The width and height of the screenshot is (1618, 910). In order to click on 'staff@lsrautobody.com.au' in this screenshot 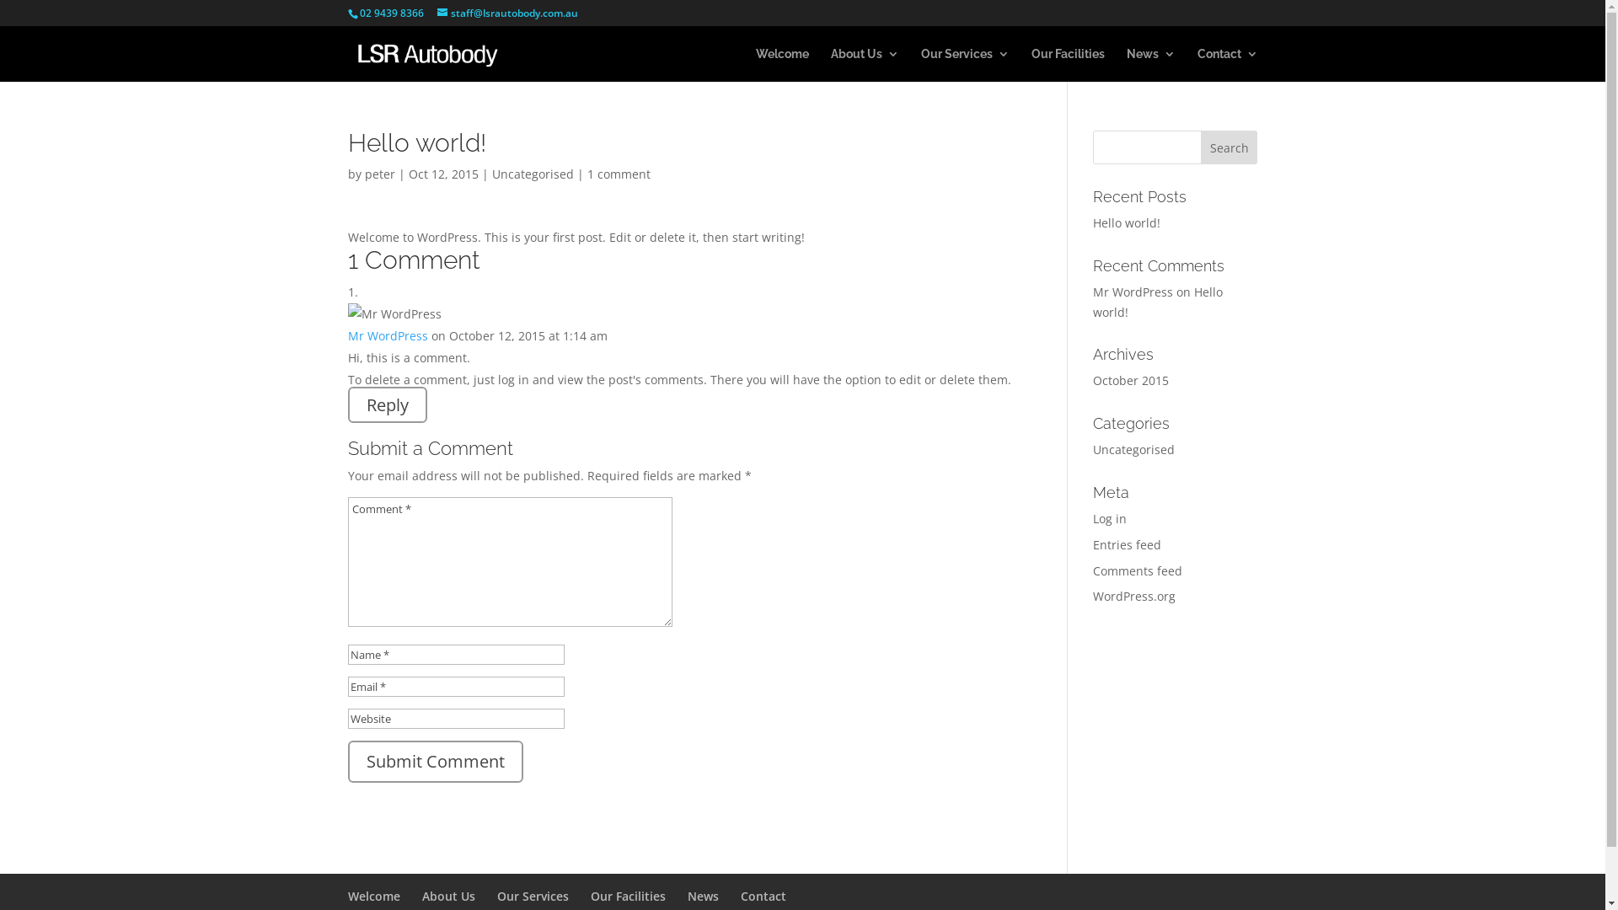, I will do `click(506, 13)`.